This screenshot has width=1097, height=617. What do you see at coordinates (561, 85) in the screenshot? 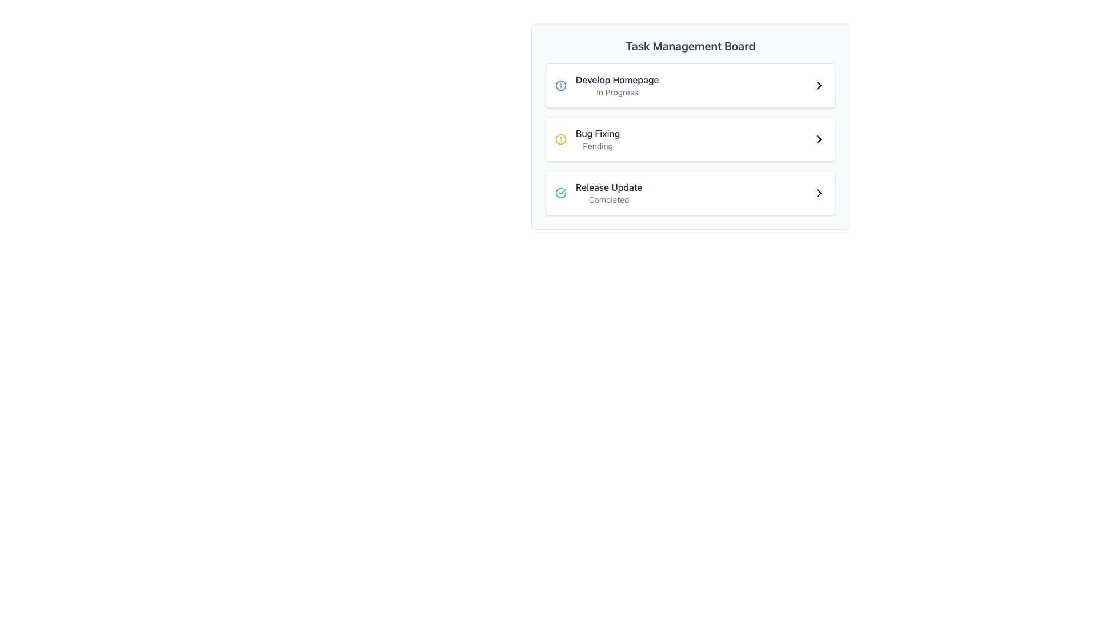
I see `the decorative info icon in the SVG graphic located in the first row of the task list labeled 'Develop Homepage'` at bounding box center [561, 85].